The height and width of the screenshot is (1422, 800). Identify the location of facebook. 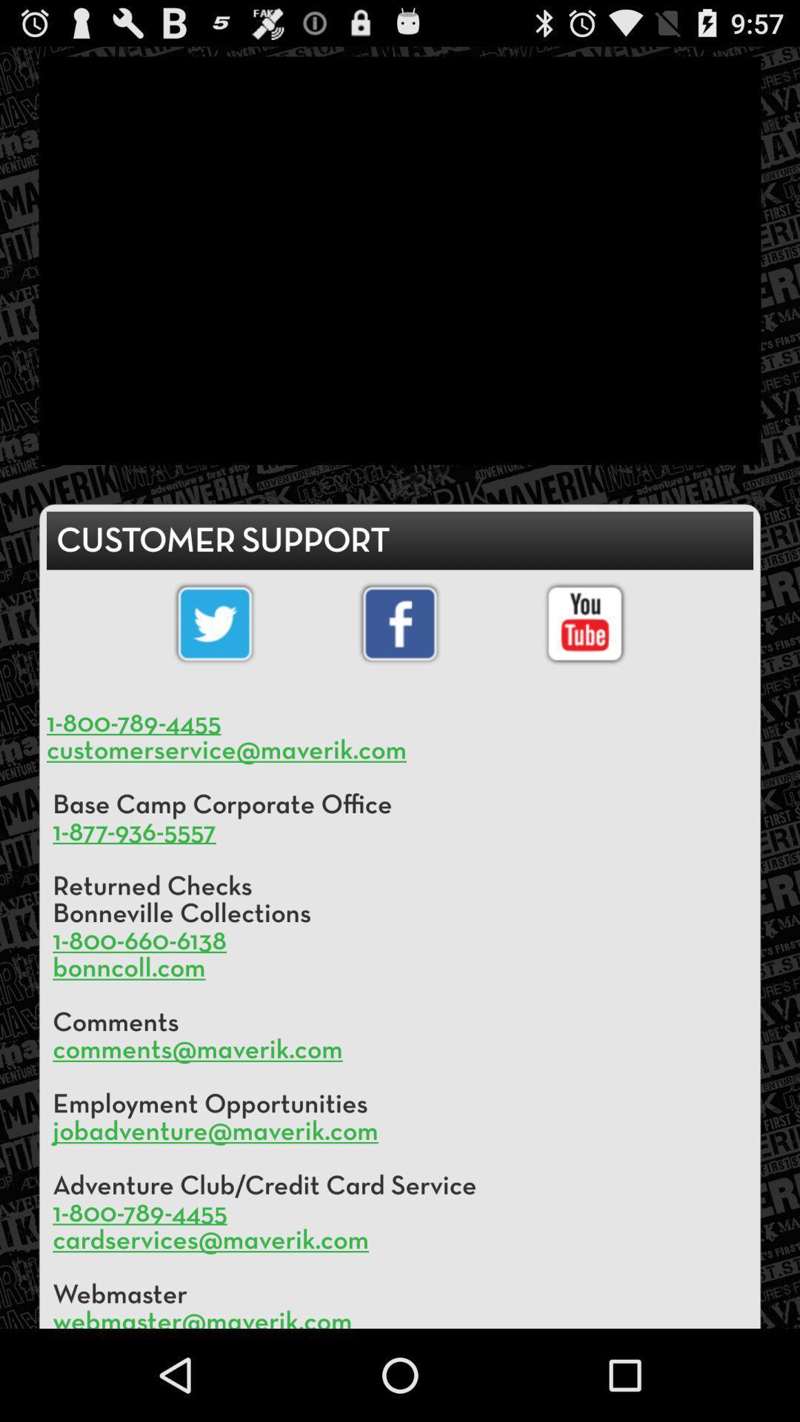
(400, 624).